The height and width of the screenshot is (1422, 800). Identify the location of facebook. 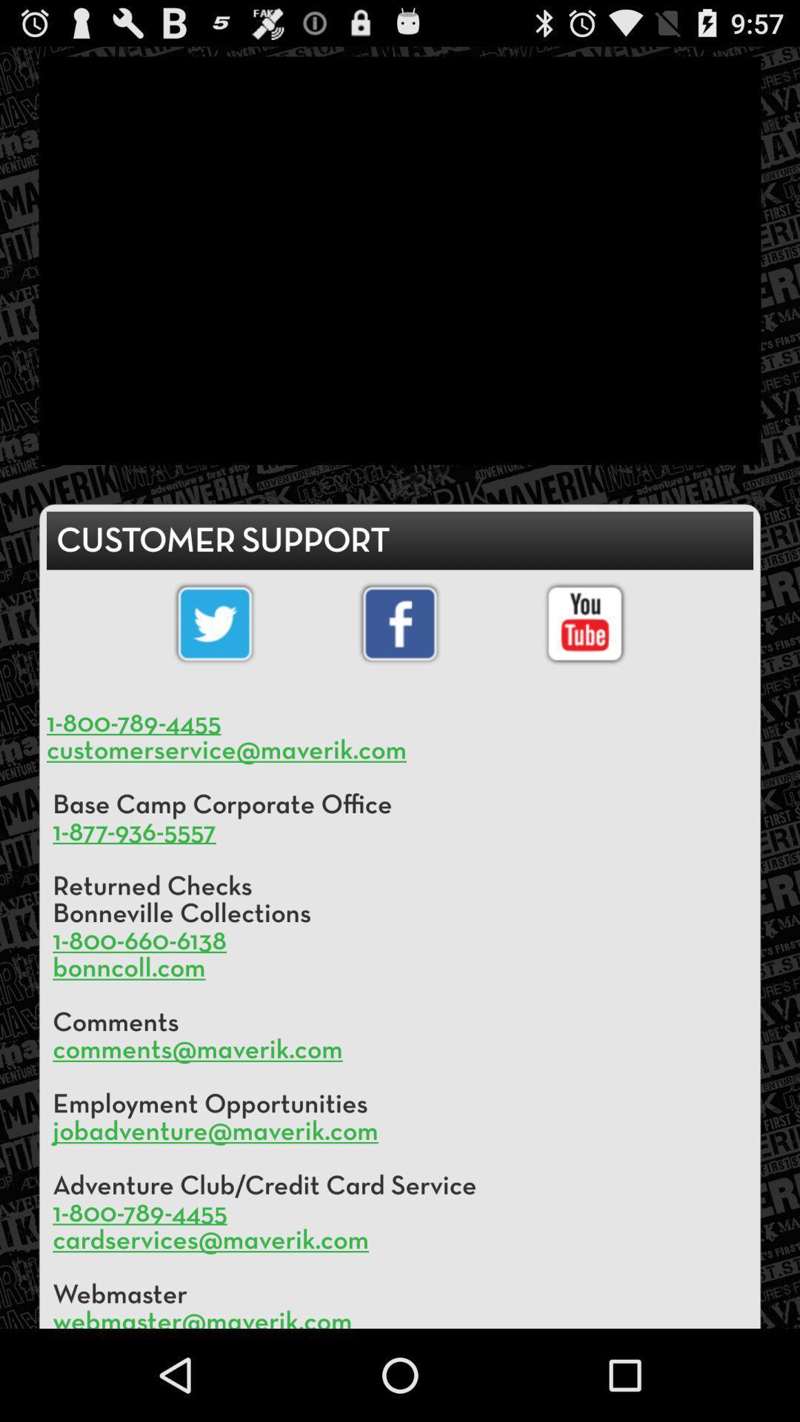
(400, 624).